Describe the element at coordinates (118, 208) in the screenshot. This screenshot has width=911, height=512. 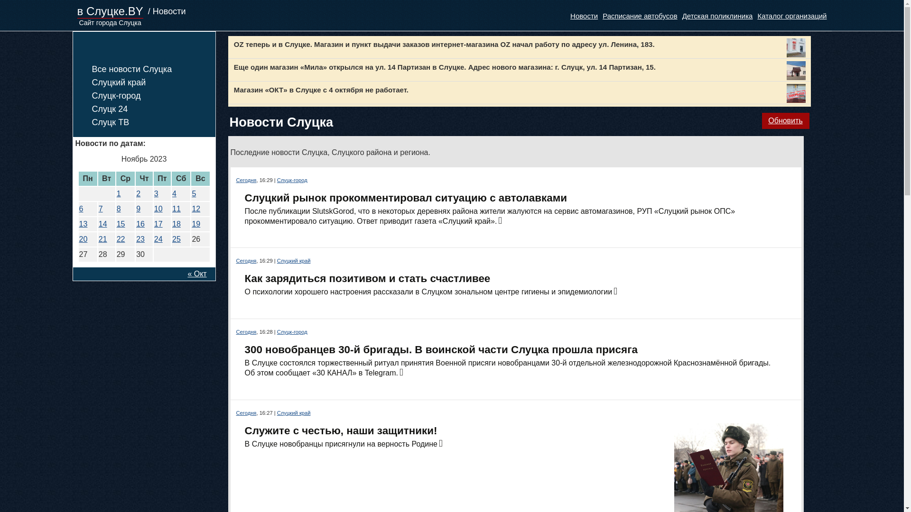
I see `'8'` at that location.